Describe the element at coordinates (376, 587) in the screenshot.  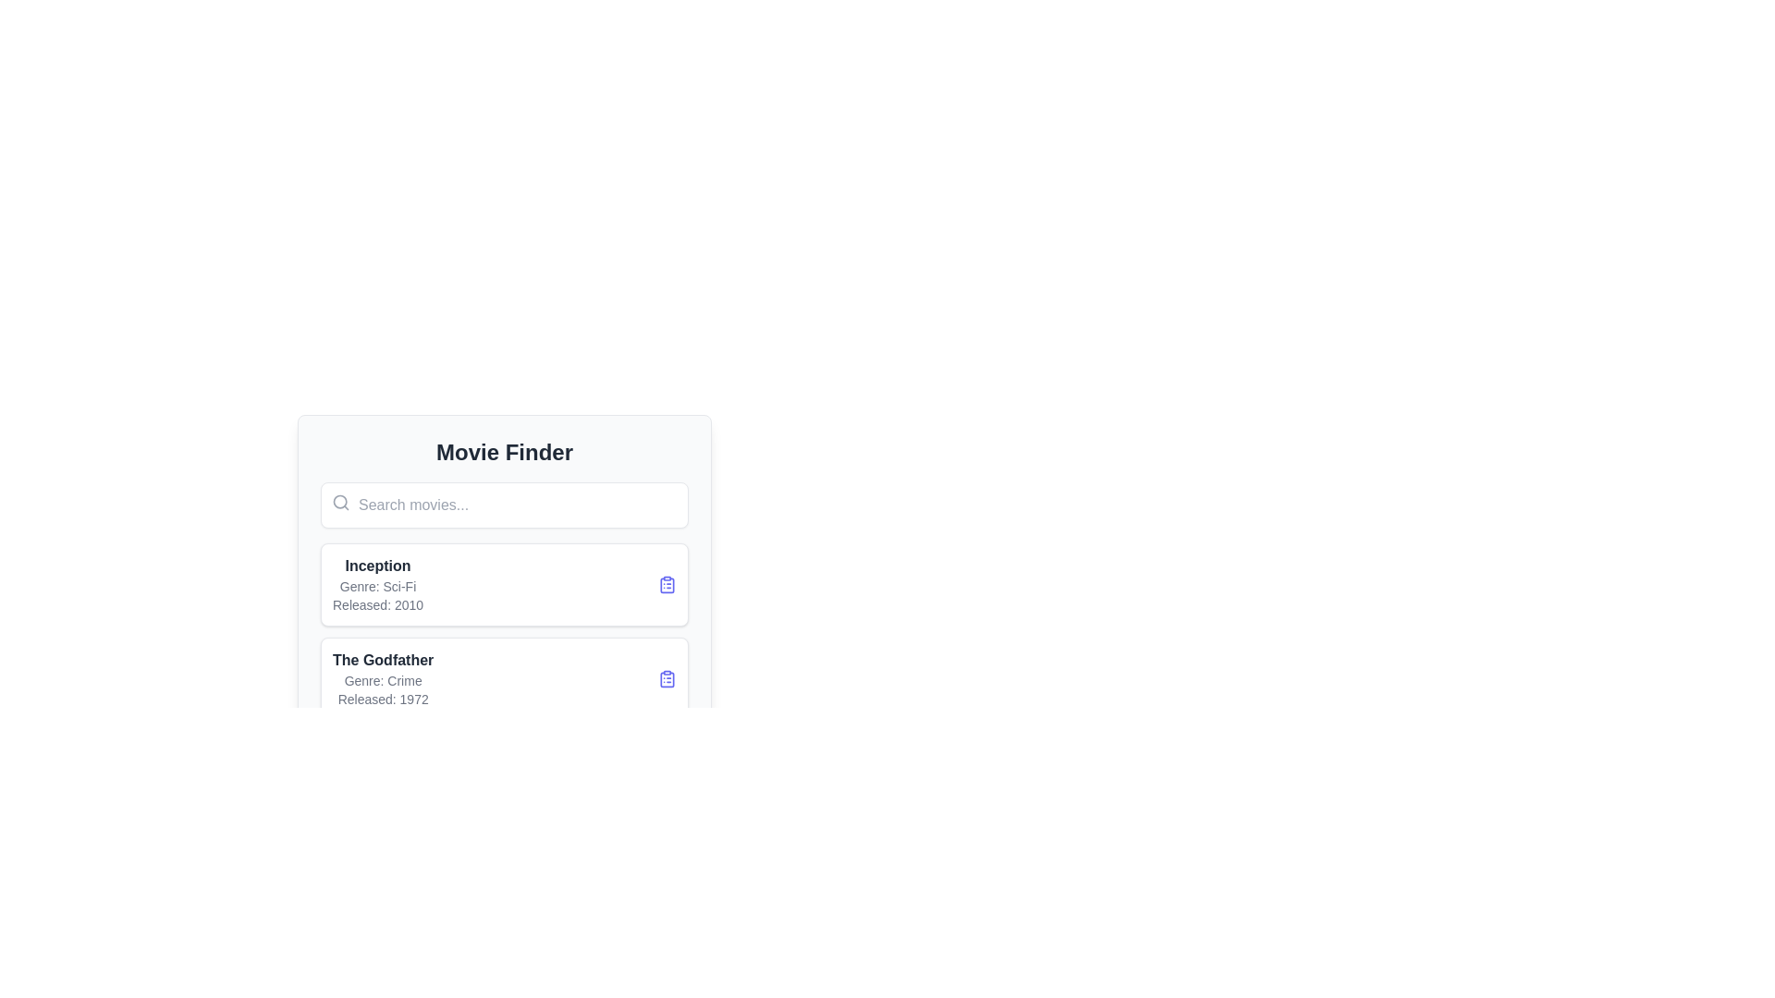
I see `the text label displaying the genre of the movie 'Inception', which is located under the title in the movie detail section` at that location.